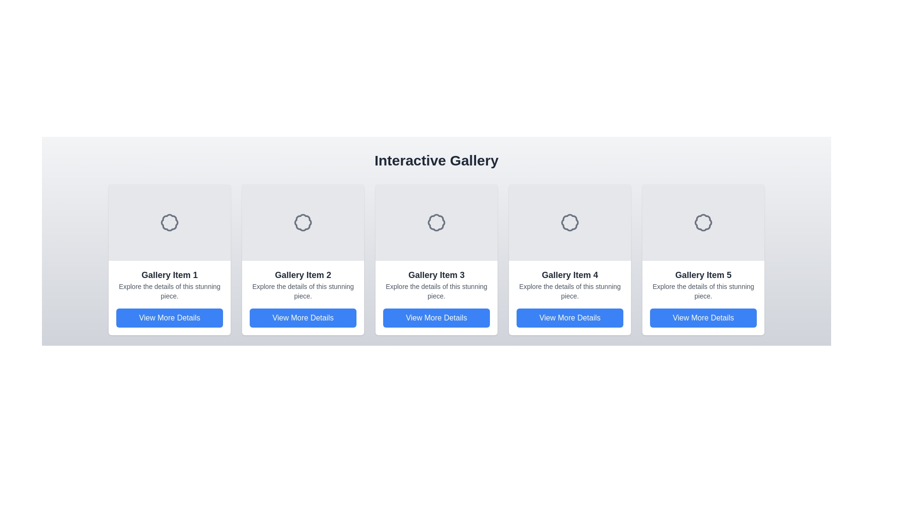  I want to click on the prominently styled header text stating 'Interactive Gallery' which is located at the top of the interface, centered horizontally, and features bold dark gray text on a light gray gradient background, so click(436, 160).